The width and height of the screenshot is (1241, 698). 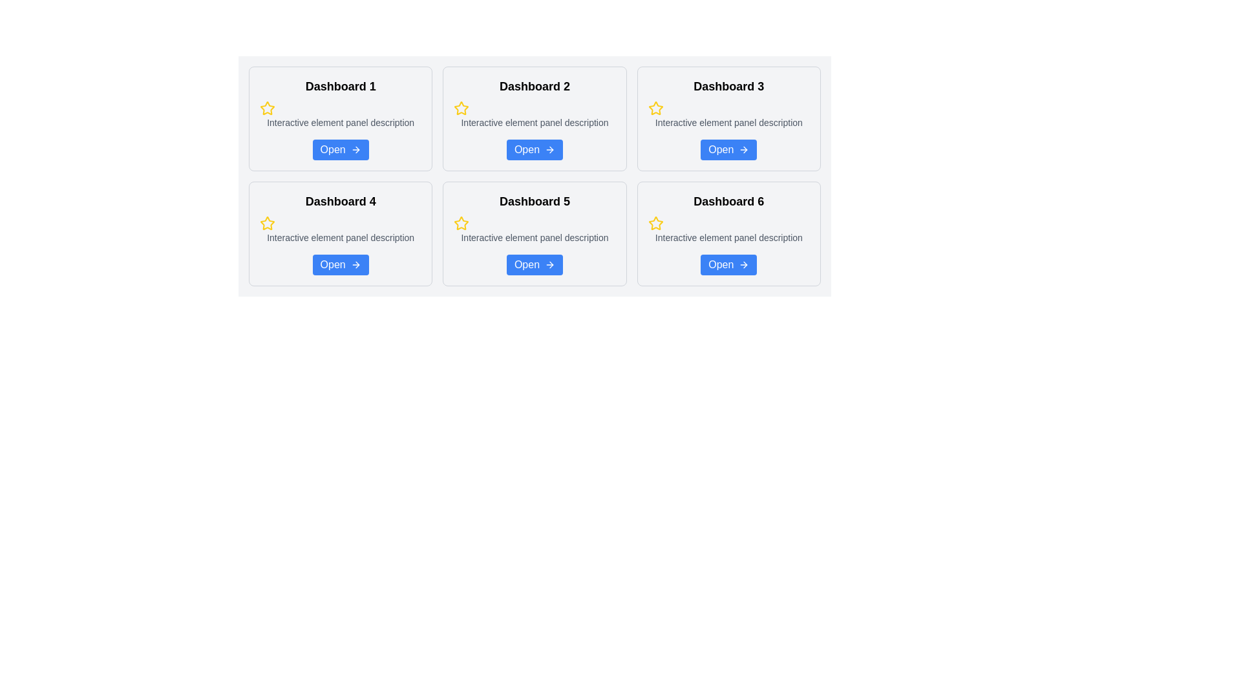 What do you see at coordinates (266, 223) in the screenshot?
I see `the star icon embedded within the fourth card titled 'Dashboard 4'` at bounding box center [266, 223].